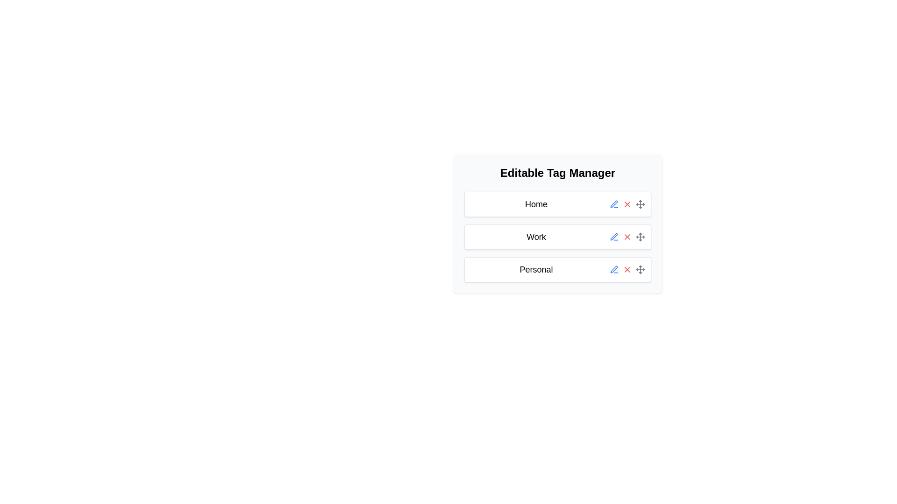  Describe the element at coordinates (558, 270) in the screenshot. I see `the 'Personal' tag card at the bottom of the panel under 'Editable Tag Manager'` at that location.